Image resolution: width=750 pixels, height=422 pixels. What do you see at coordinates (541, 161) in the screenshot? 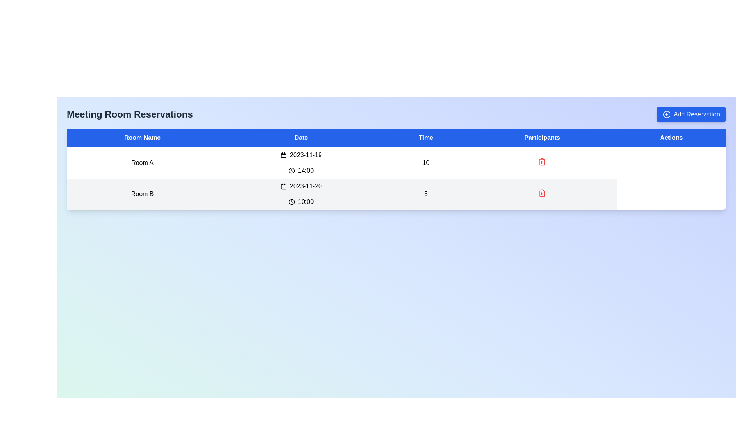
I see `the delete icon button located in the second row of the 'Actions' column of the table` at bounding box center [541, 161].